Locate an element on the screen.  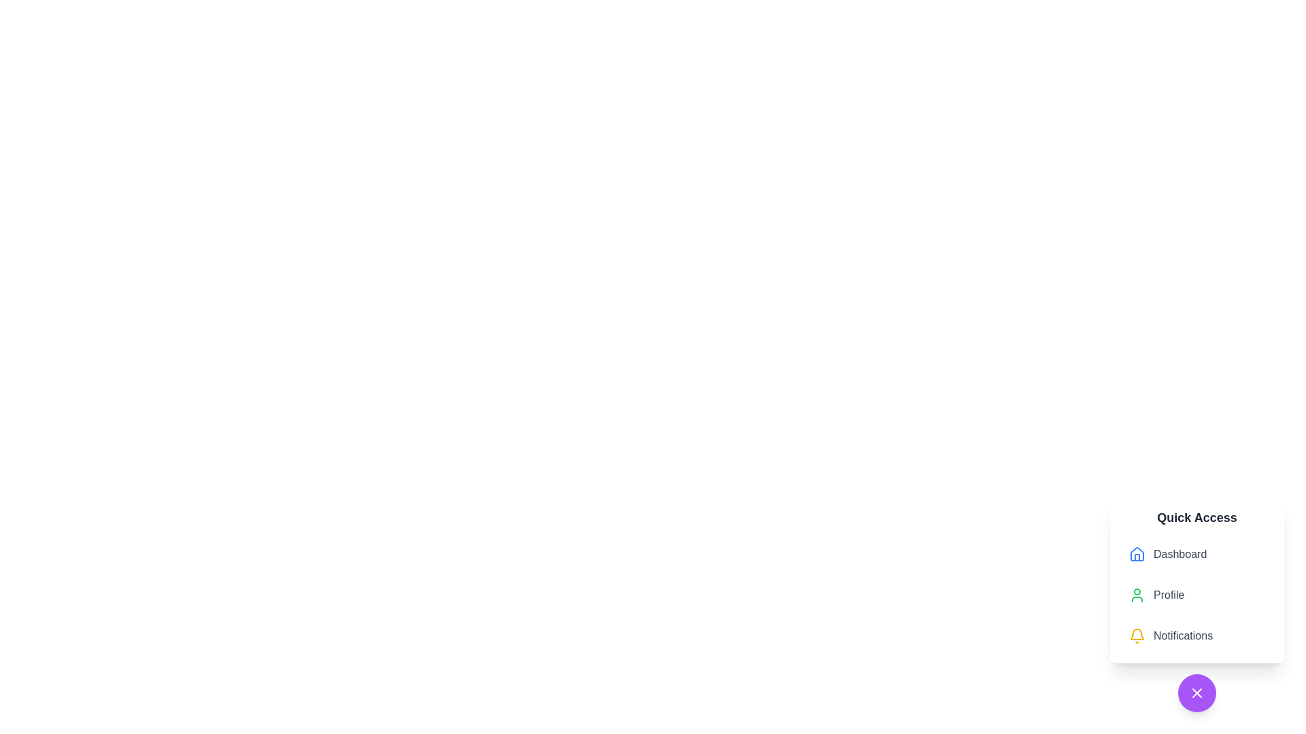
descriptive label identifying the corresponding menu option for the 'Dashboard' page, located under the 'Quick Access' heading, positioned to the right of a blue house-shaped icon is located at coordinates (1179, 555).